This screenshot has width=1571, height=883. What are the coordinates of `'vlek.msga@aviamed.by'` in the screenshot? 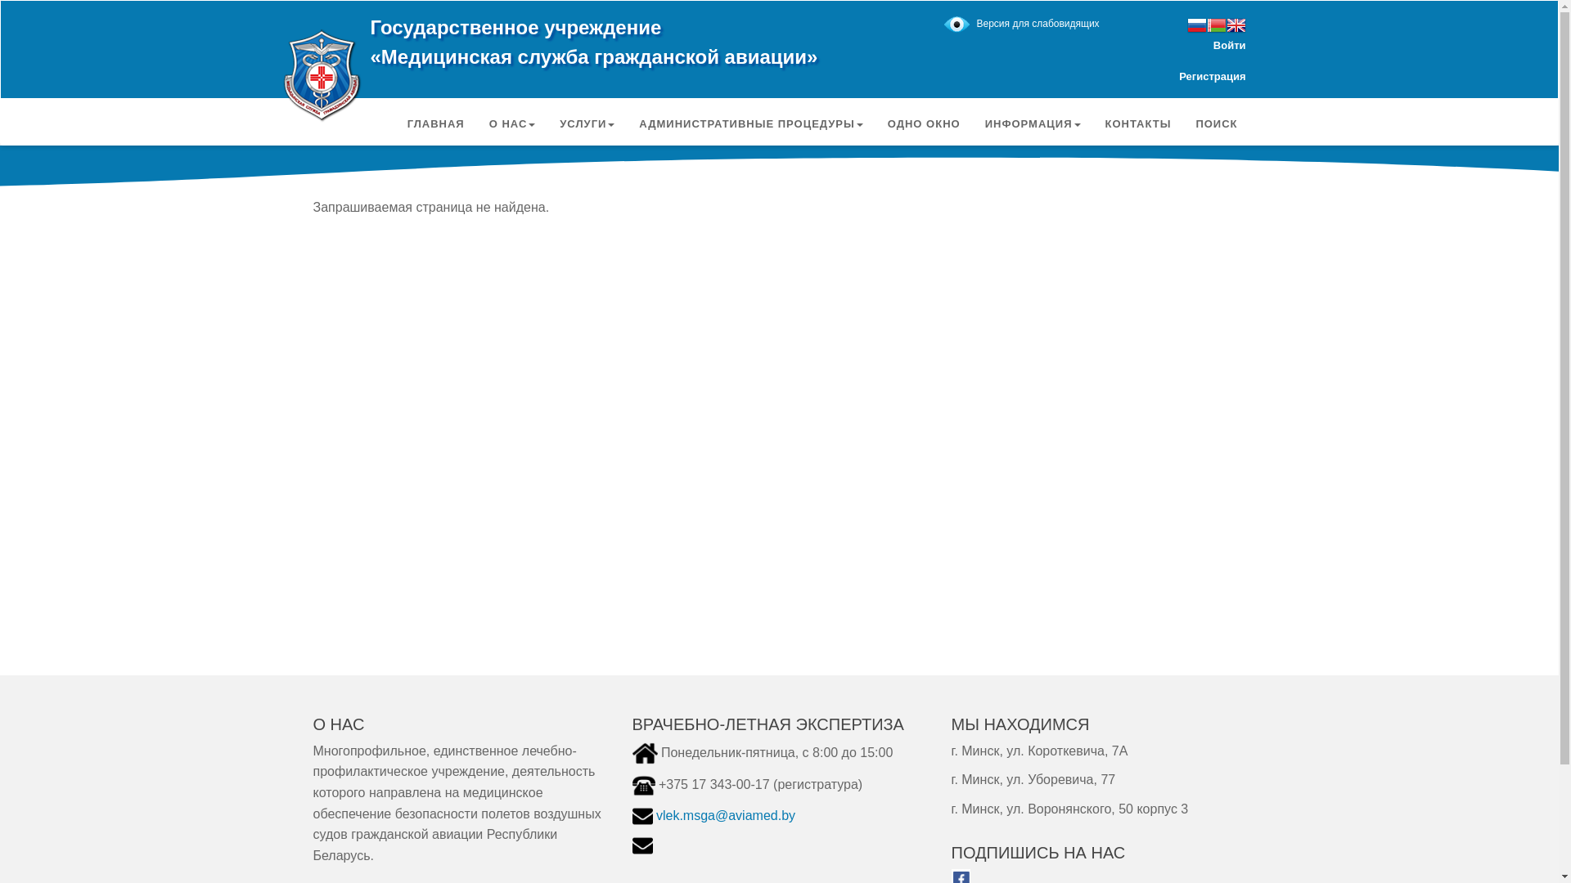 It's located at (655, 815).